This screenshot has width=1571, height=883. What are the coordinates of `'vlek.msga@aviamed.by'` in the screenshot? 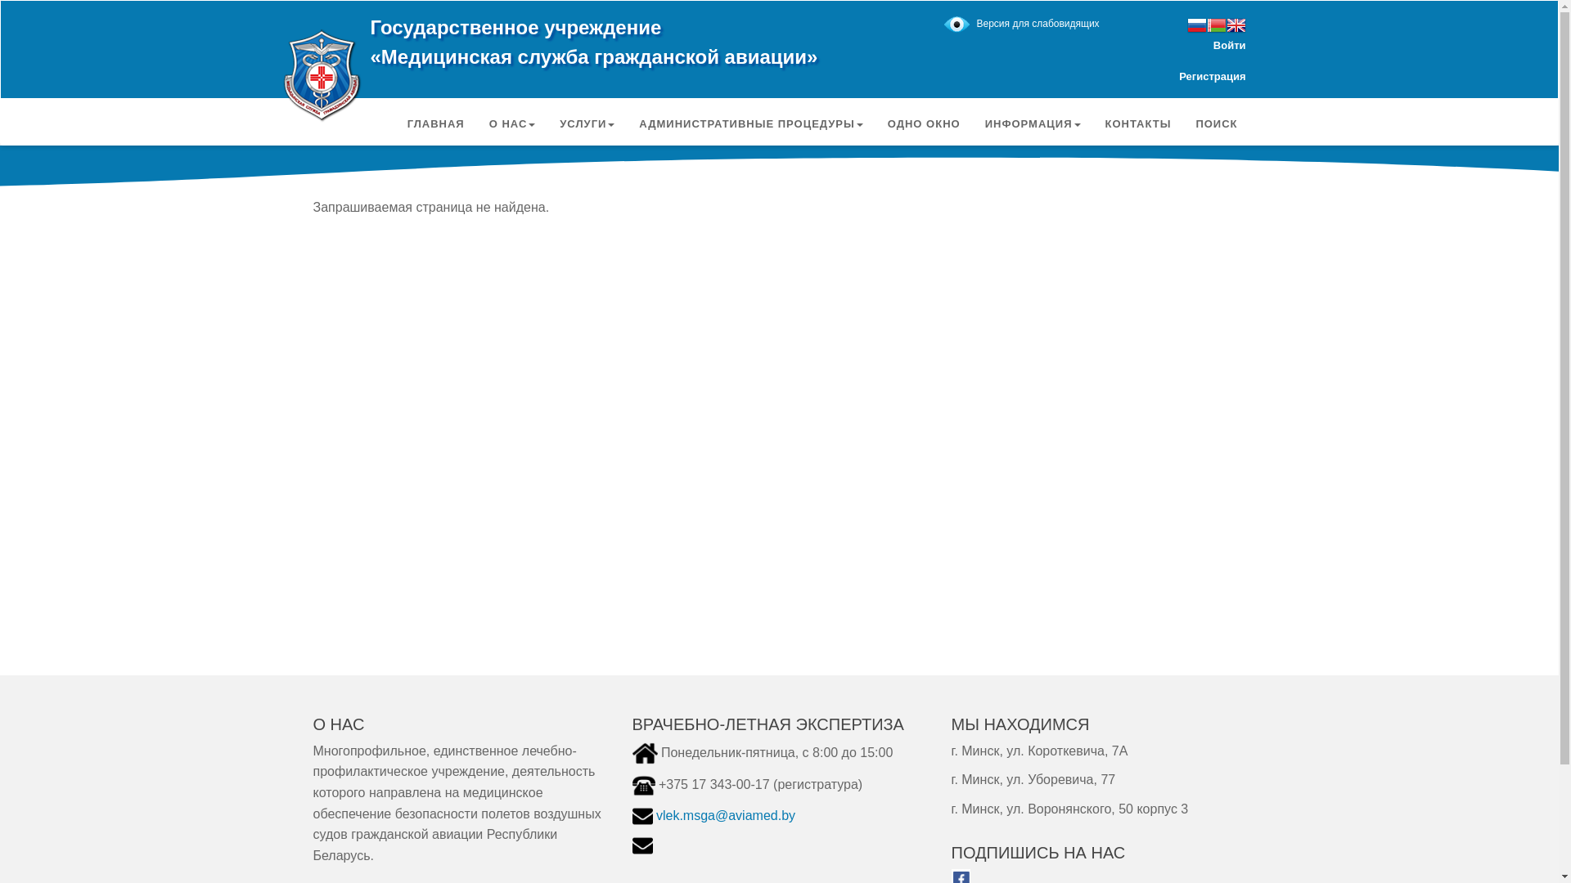 It's located at (655, 815).